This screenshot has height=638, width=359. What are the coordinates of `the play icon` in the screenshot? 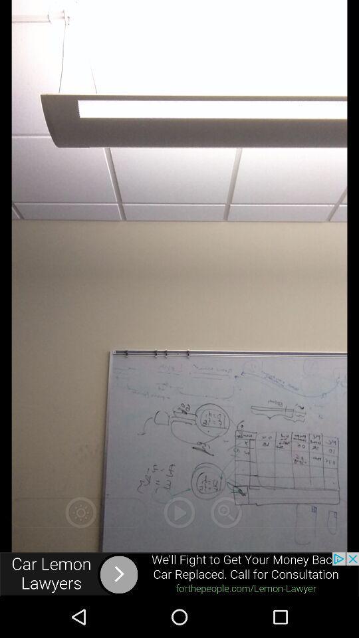 It's located at (179, 512).